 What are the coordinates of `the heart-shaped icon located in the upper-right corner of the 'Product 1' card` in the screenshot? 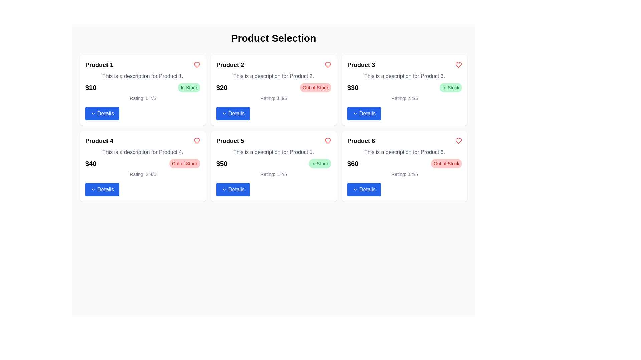 It's located at (197, 65).